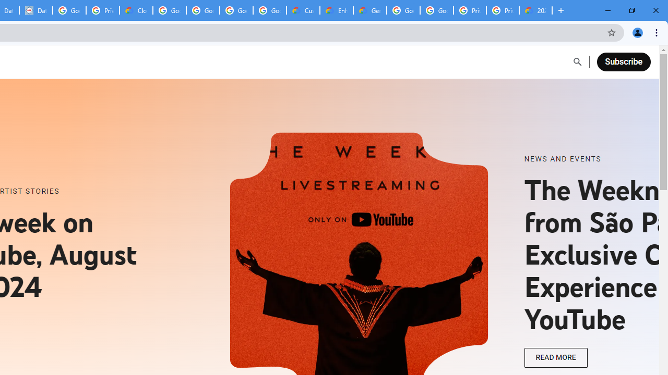 Image resolution: width=668 pixels, height=375 pixels. What do you see at coordinates (623, 61) in the screenshot?
I see `'Subscribe'` at bounding box center [623, 61].